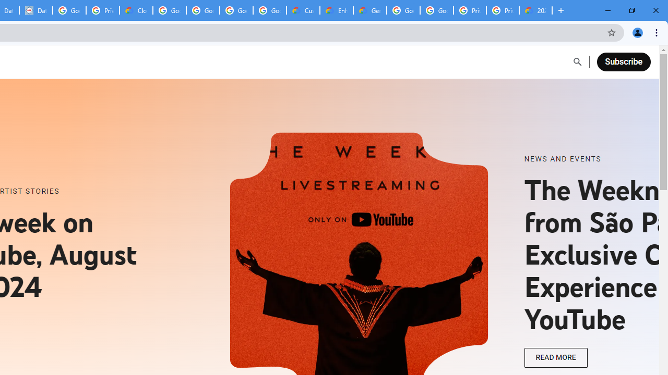 Image resolution: width=668 pixels, height=375 pixels. What do you see at coordinates (623, 61) in the screenshot?
I see `'Subscribe'` at bounding box center [623, 61].